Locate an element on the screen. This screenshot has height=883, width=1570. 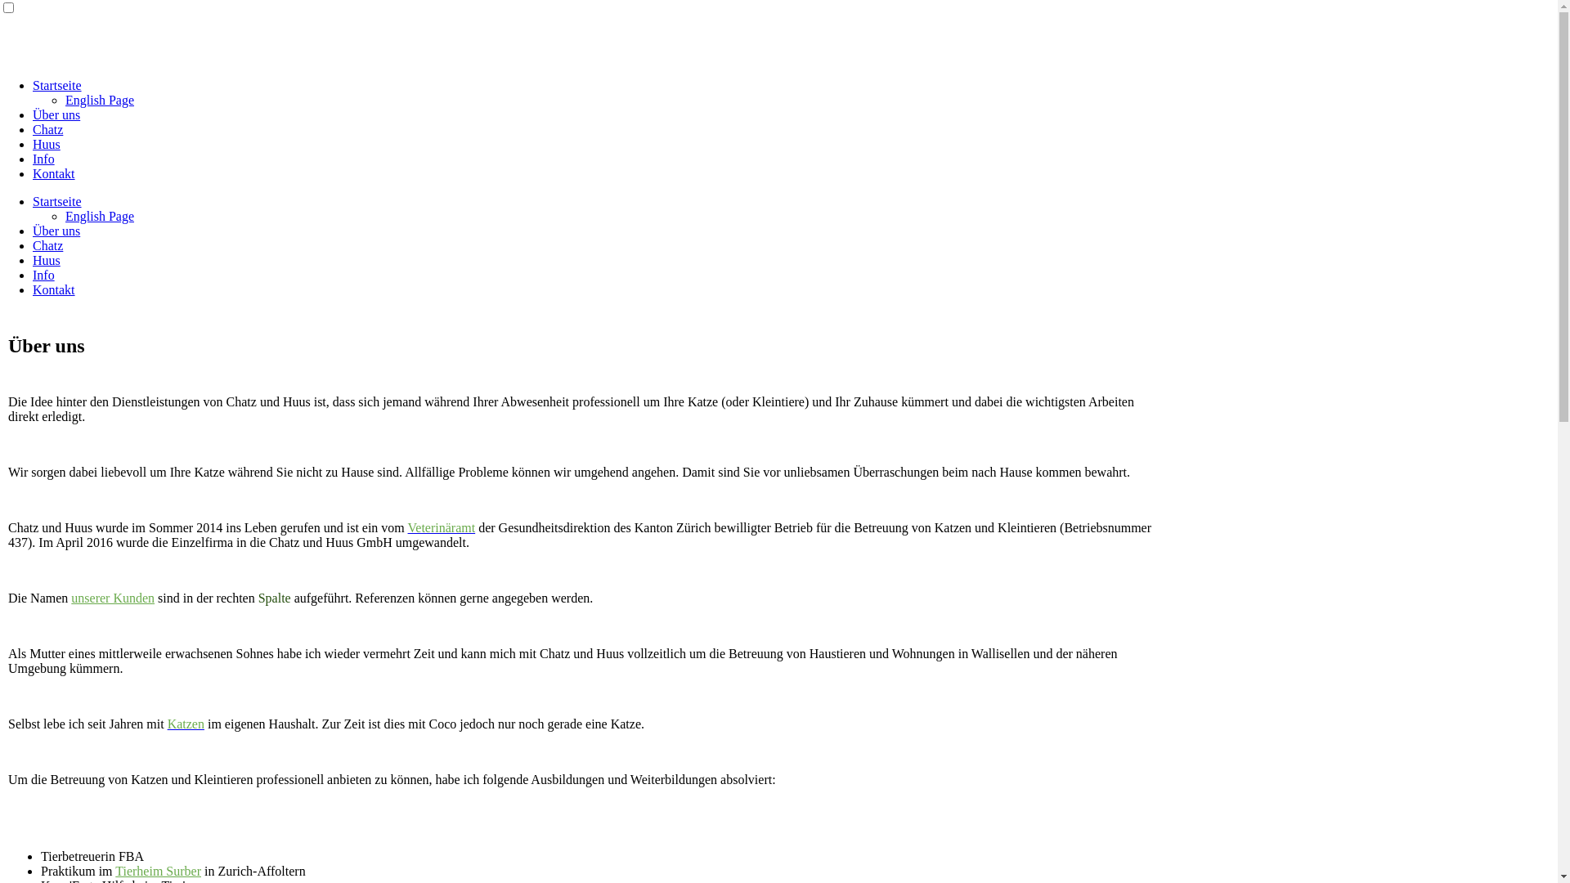
'Kontakt' is located at coordinates (32, 289).